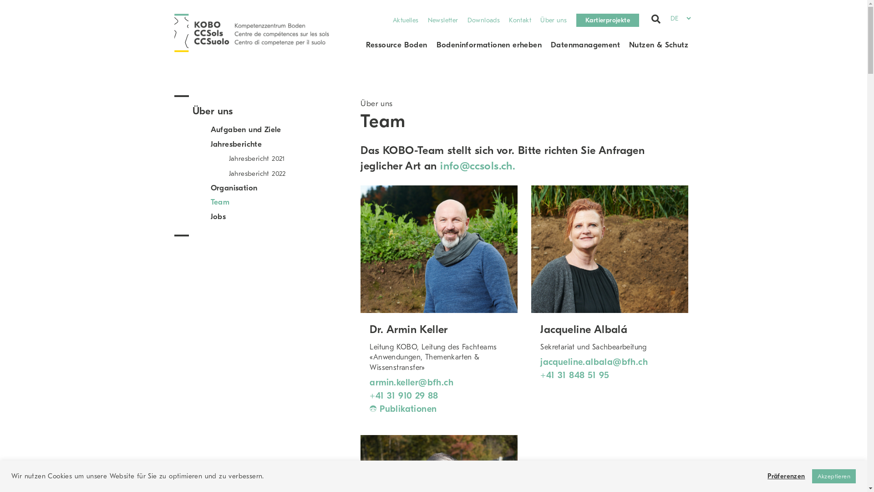 This screenshot has width=874, height=492. I want to click on 'Bodeninformationen erheben', so click(432, 45).